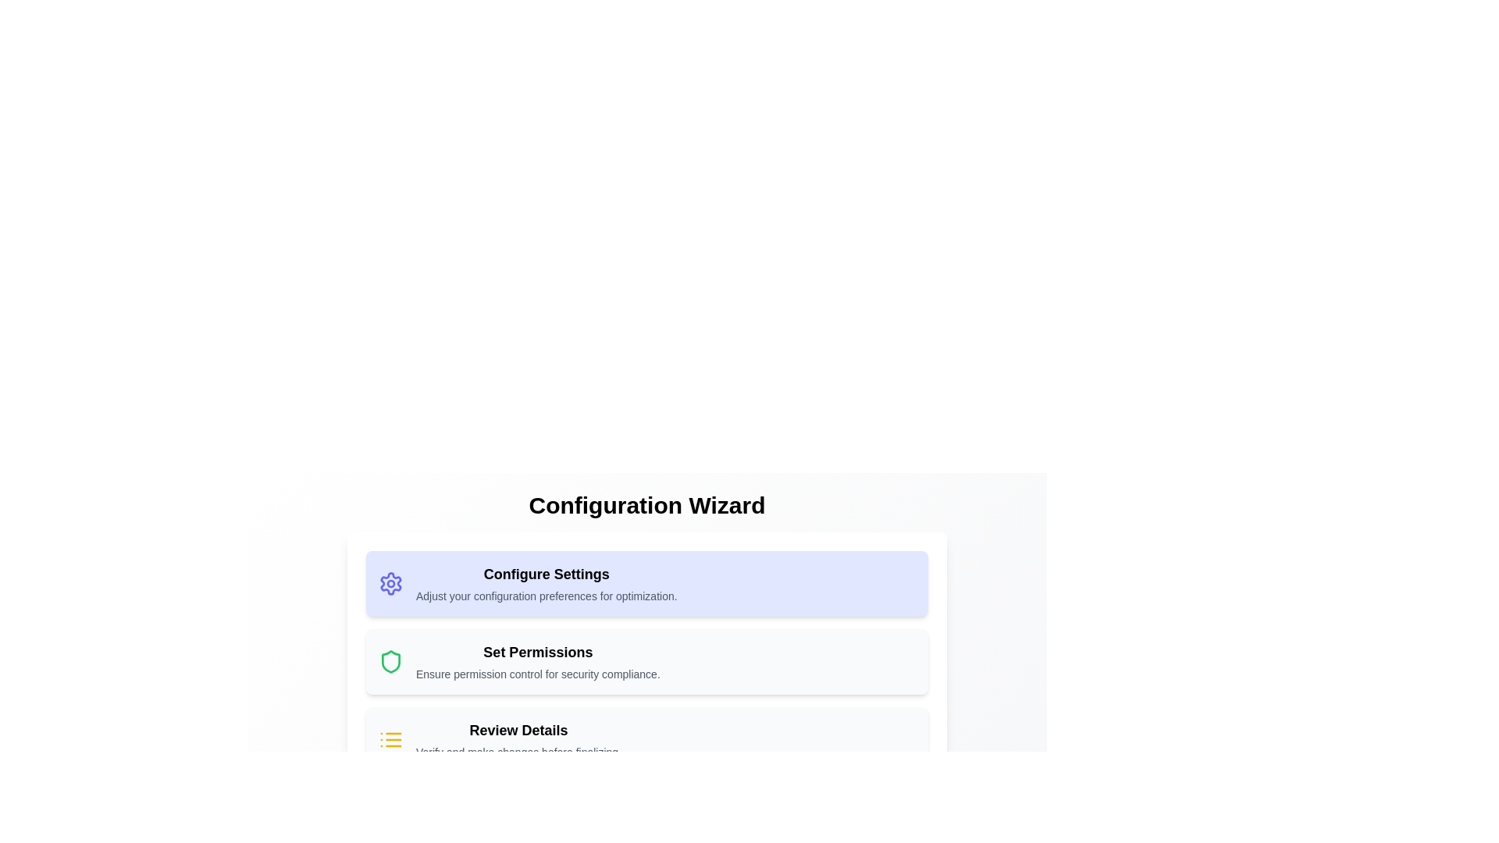 Image resolution: width=1499 pixels, height=843 pixels. I want to click on the 'Configure Settings' text display, which features a bold title and a descriptive paragraph, located centrally beneath the icon graphic in the configuration interface, so click(547, 584).